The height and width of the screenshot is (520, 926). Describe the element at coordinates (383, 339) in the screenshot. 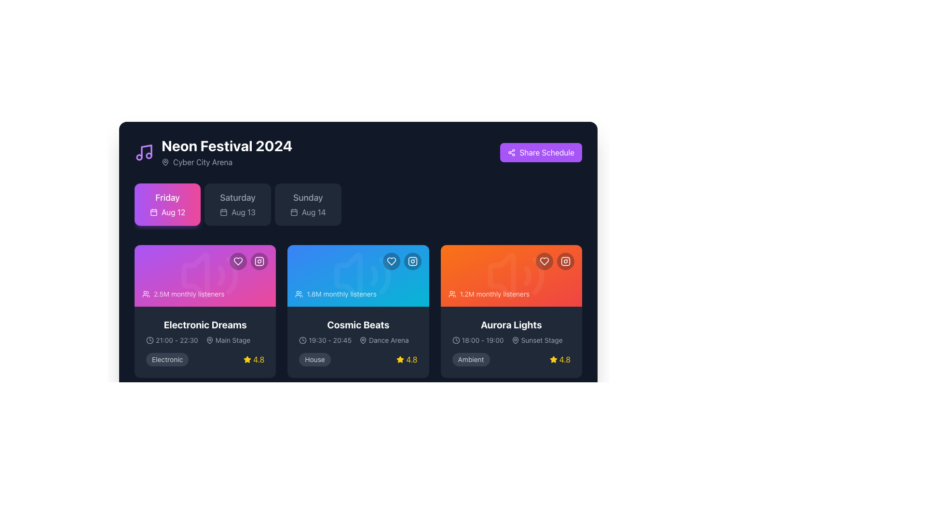

I see `the 'Dance Arena' text label which is accompanied by a map pin icon, located in the bottom section of the 'Cosmic Beats' card` at that location.